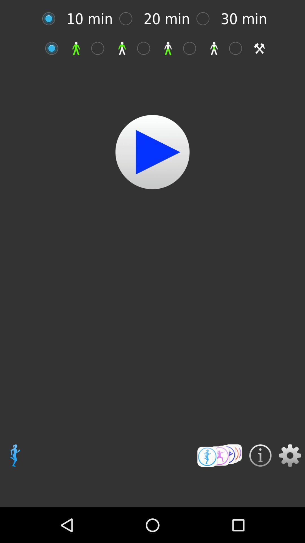 The width and height of the screenshot is (305, 543). What do you see at coordinates (238, 48) in the screenshot?
I see `choose 5th option` at bounding box center [238, 48].